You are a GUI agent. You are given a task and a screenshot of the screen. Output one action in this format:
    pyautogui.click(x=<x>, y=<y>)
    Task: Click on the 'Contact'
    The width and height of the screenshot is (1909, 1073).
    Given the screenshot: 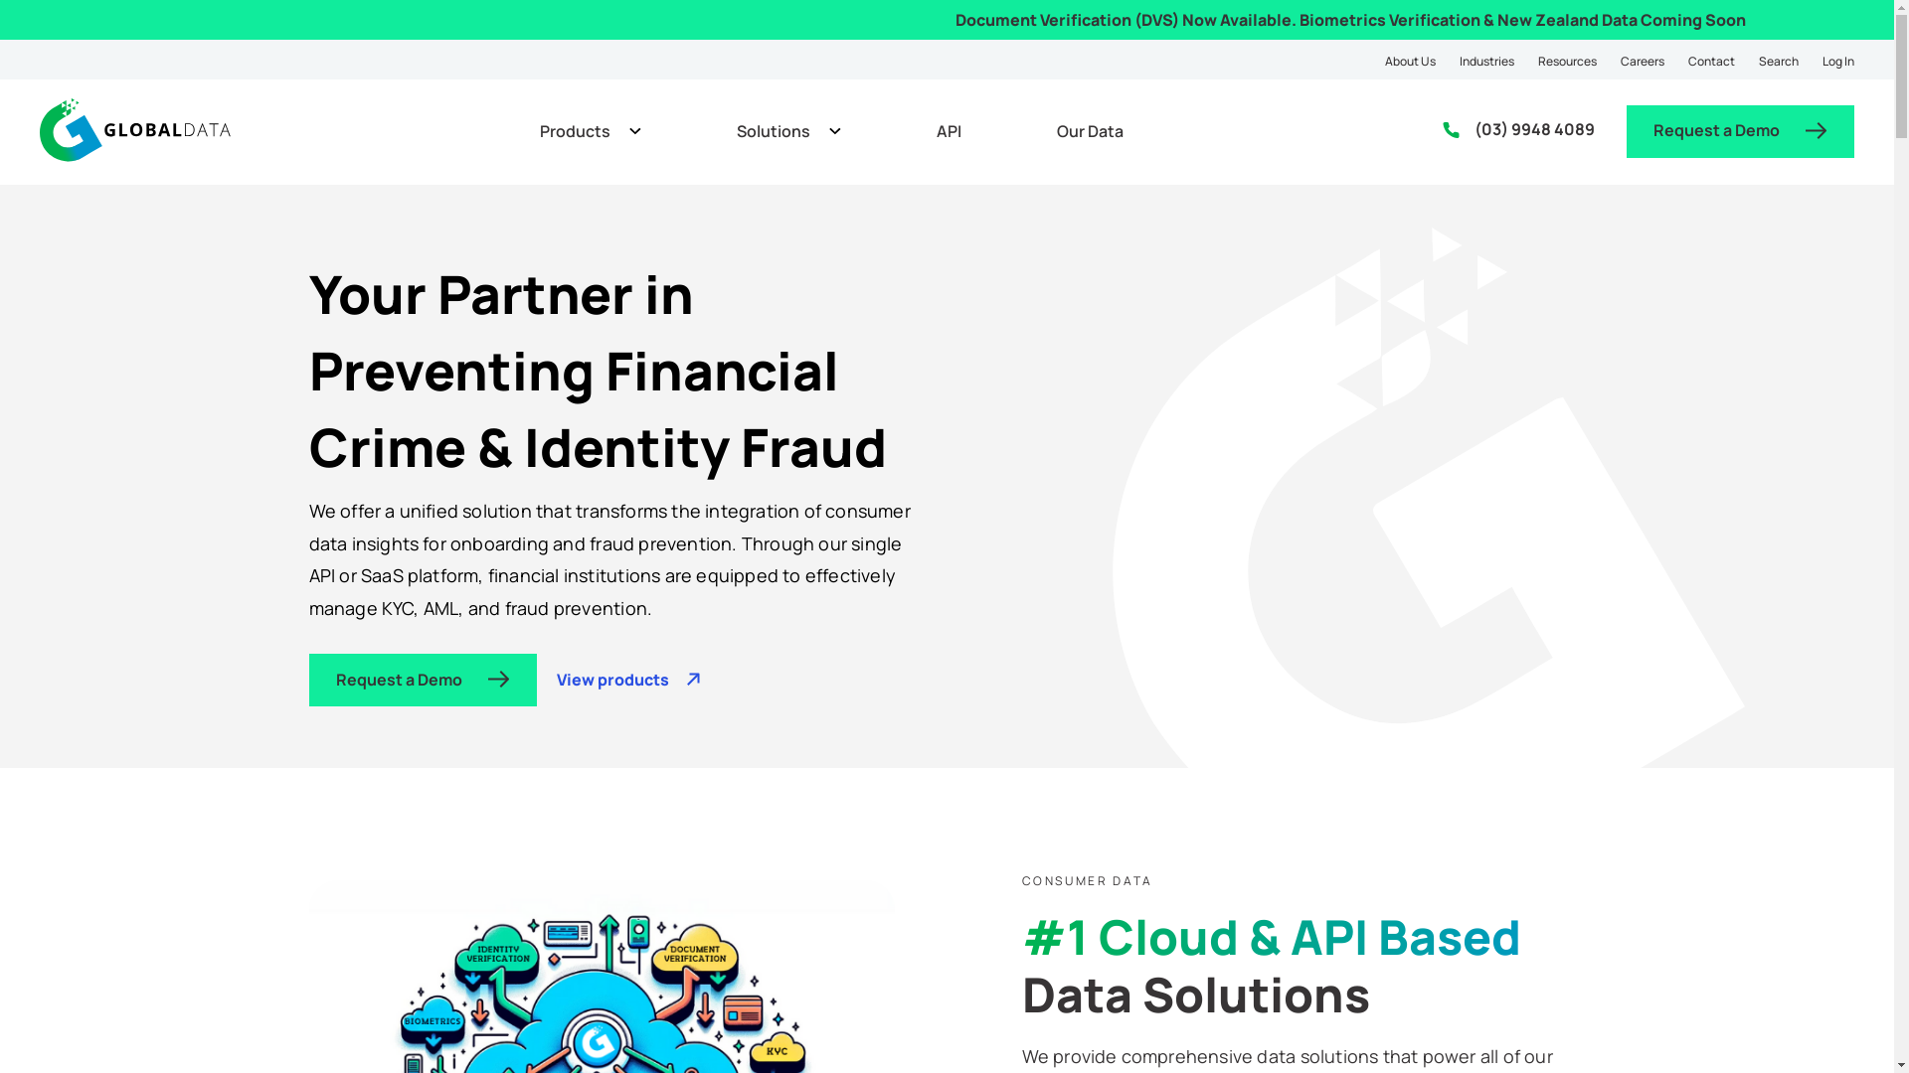 What is the action you would take?
    pyautogui.click(x=1710, y=59)
    